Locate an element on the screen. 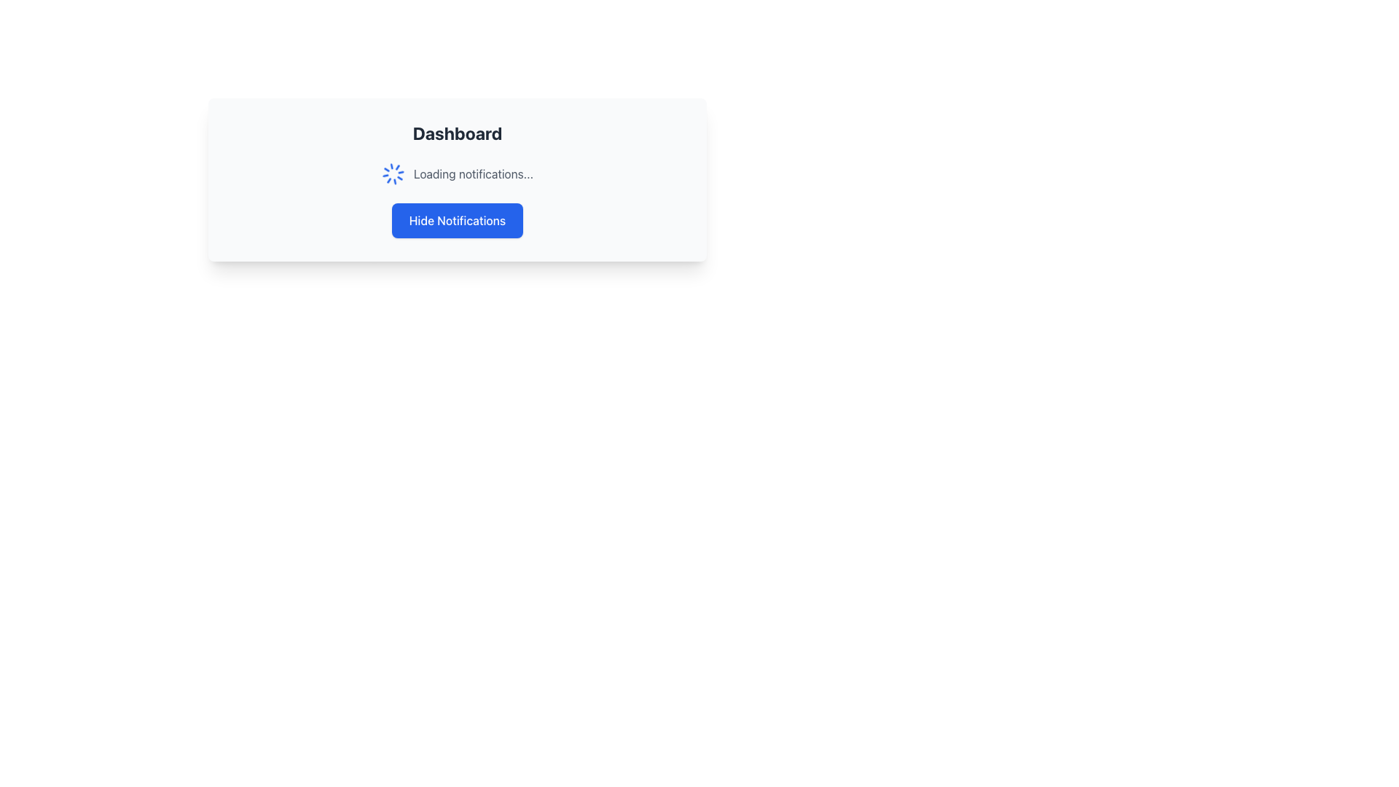 The image size is (1399, 787). the 'Loading notifications...' text with the animated blue loader icon, which is centrally positioned in the panel, indicating ongoing operations is located at coordinates (457, 173).